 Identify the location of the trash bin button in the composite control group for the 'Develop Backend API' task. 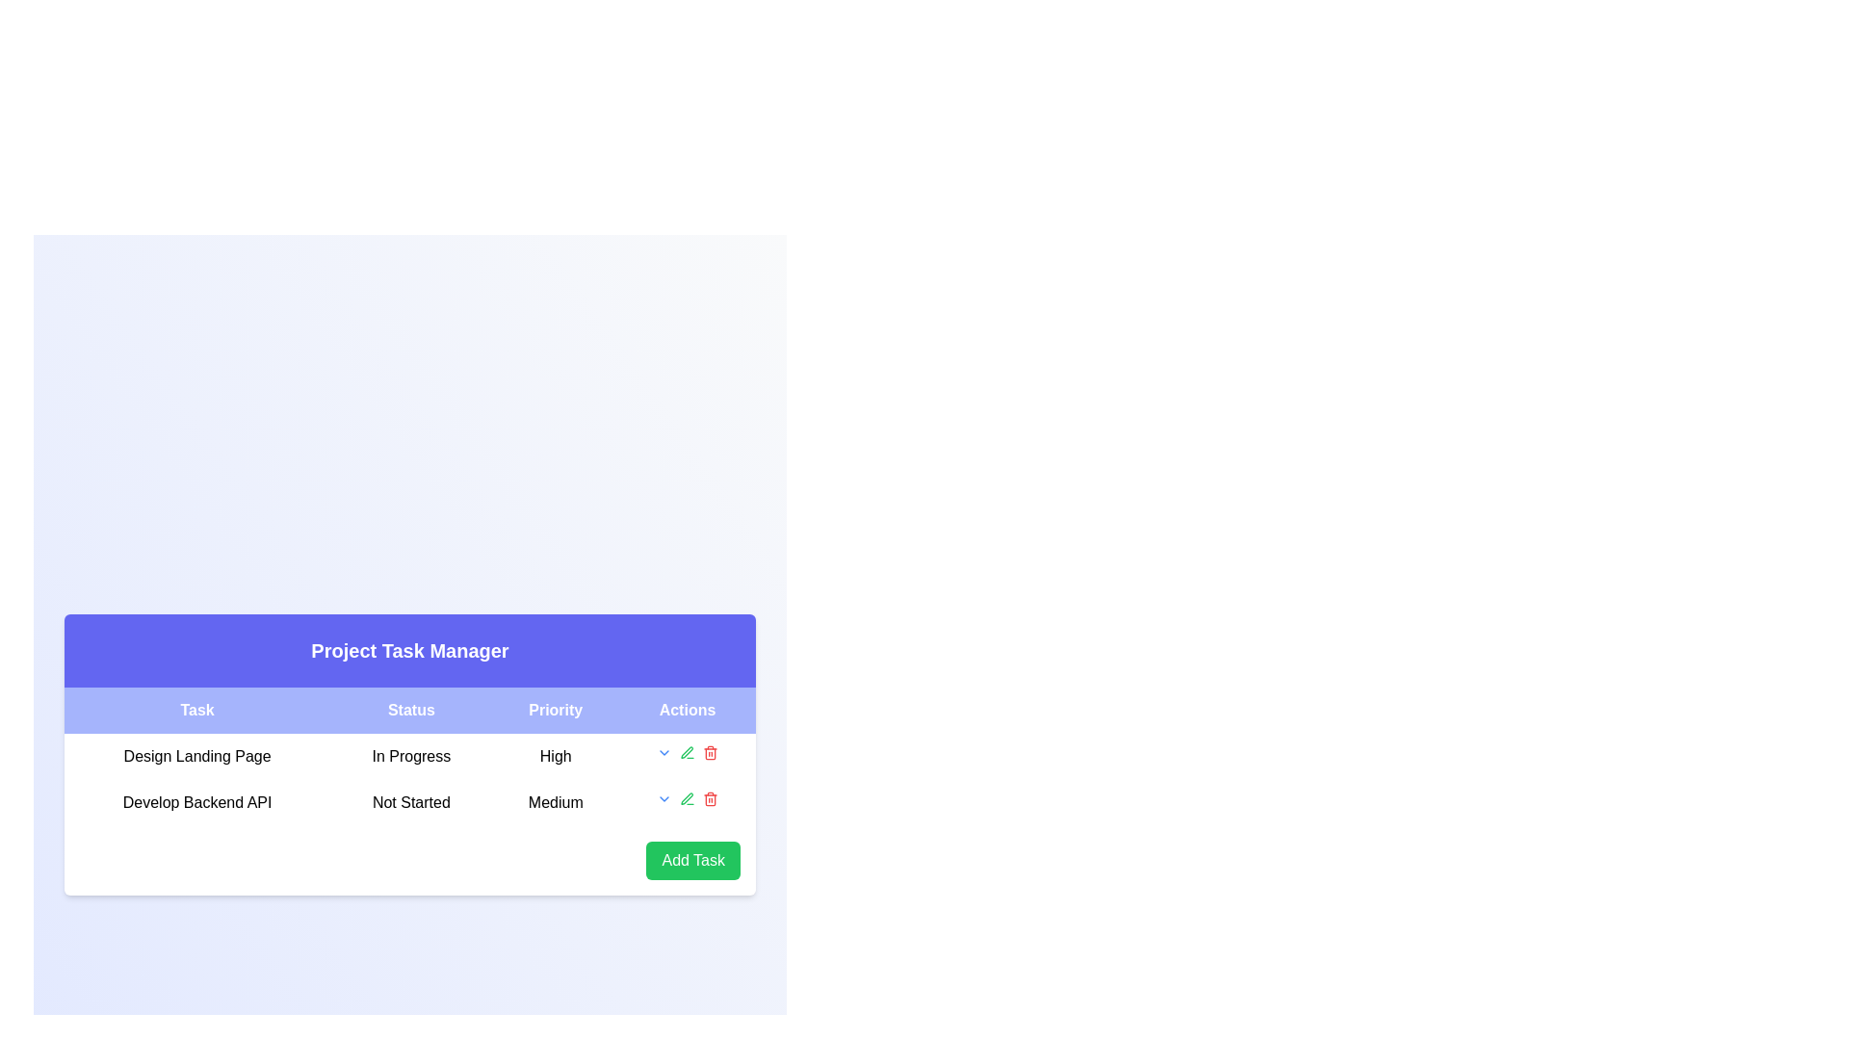
(688, 798).